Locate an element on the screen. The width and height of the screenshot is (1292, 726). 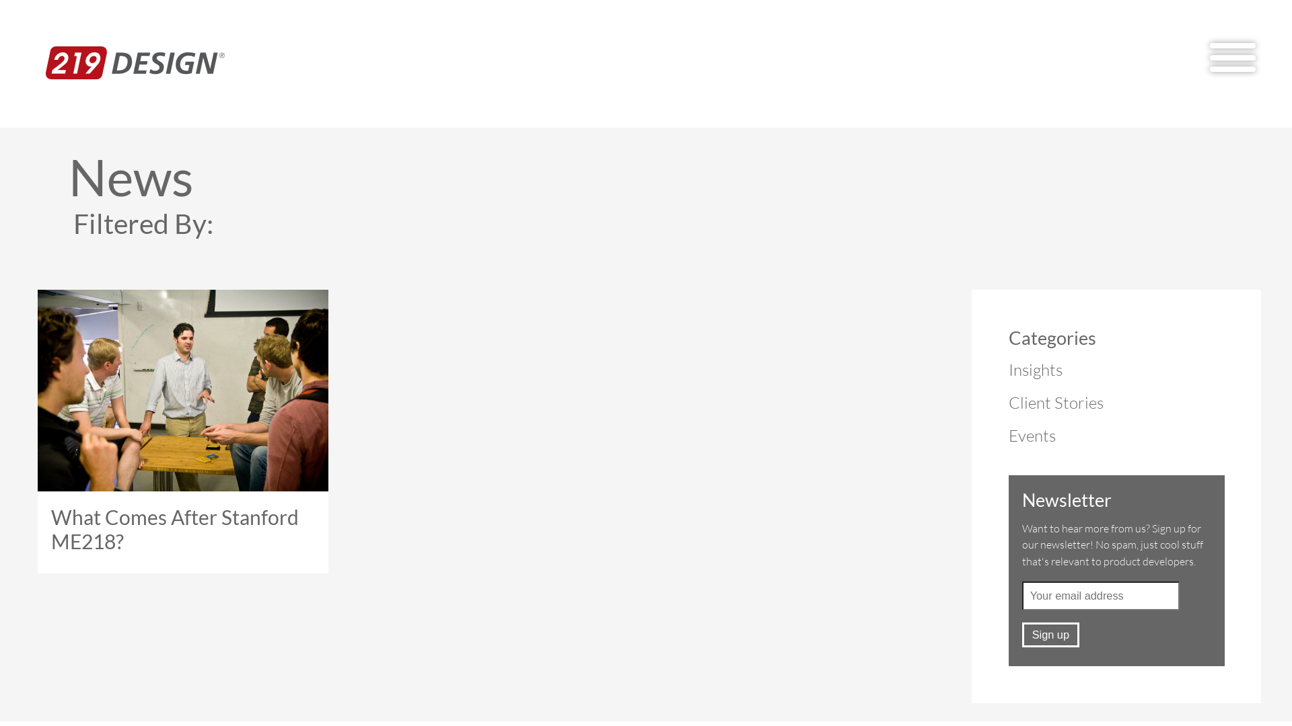
'What Comes After Stanford ME218?' is located at coordinates (31, 431).